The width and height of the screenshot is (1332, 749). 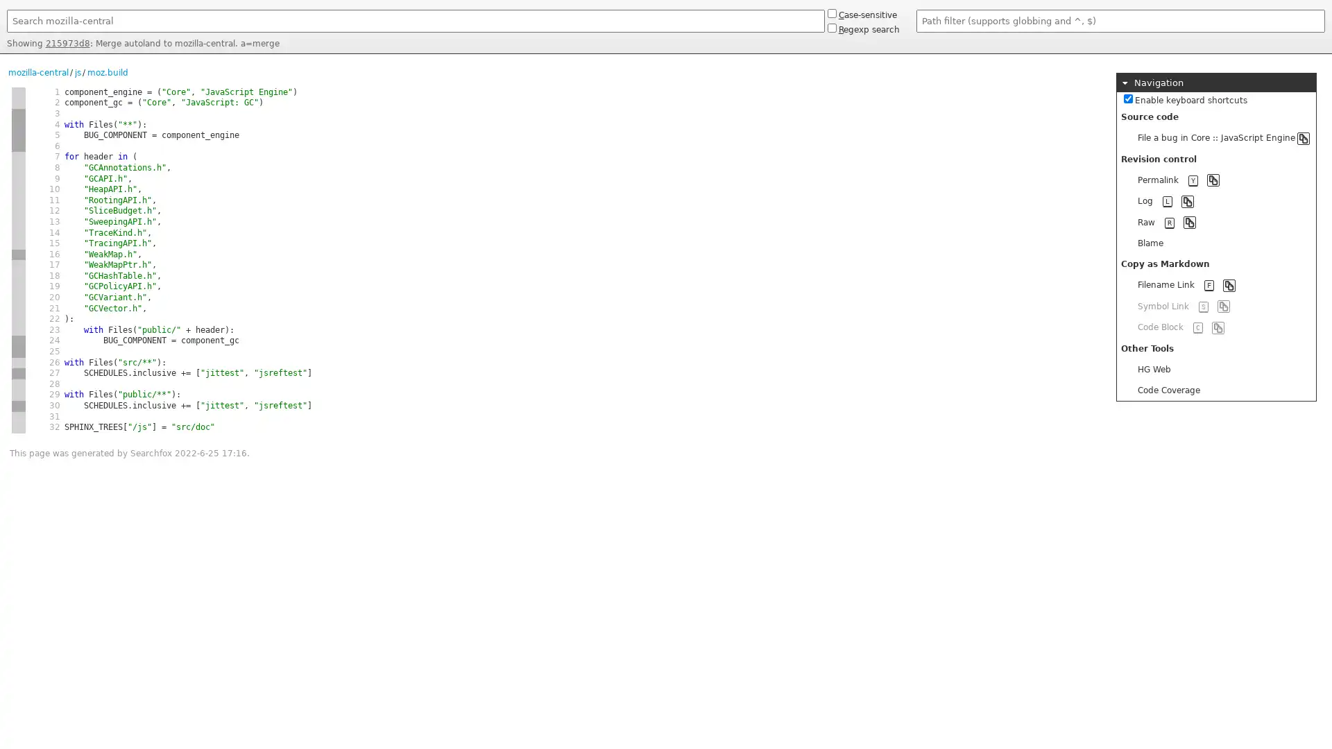 I want to click on same hash 1, so click(x=19, y=189).